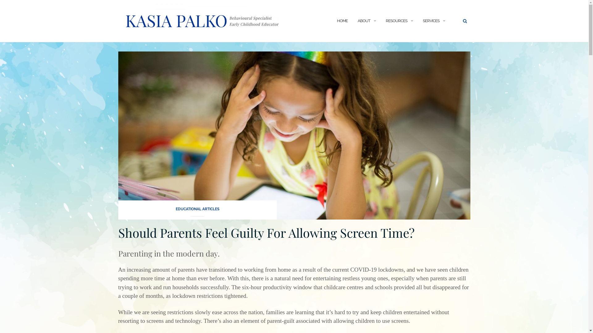 Image resolution: width=593 pixels, height=333 pixels. Describe the element at coordinates (266, 232) in the screenshot. I see `'Should Parents Feel Guilty For Allowing Screen Time?'` at that location.